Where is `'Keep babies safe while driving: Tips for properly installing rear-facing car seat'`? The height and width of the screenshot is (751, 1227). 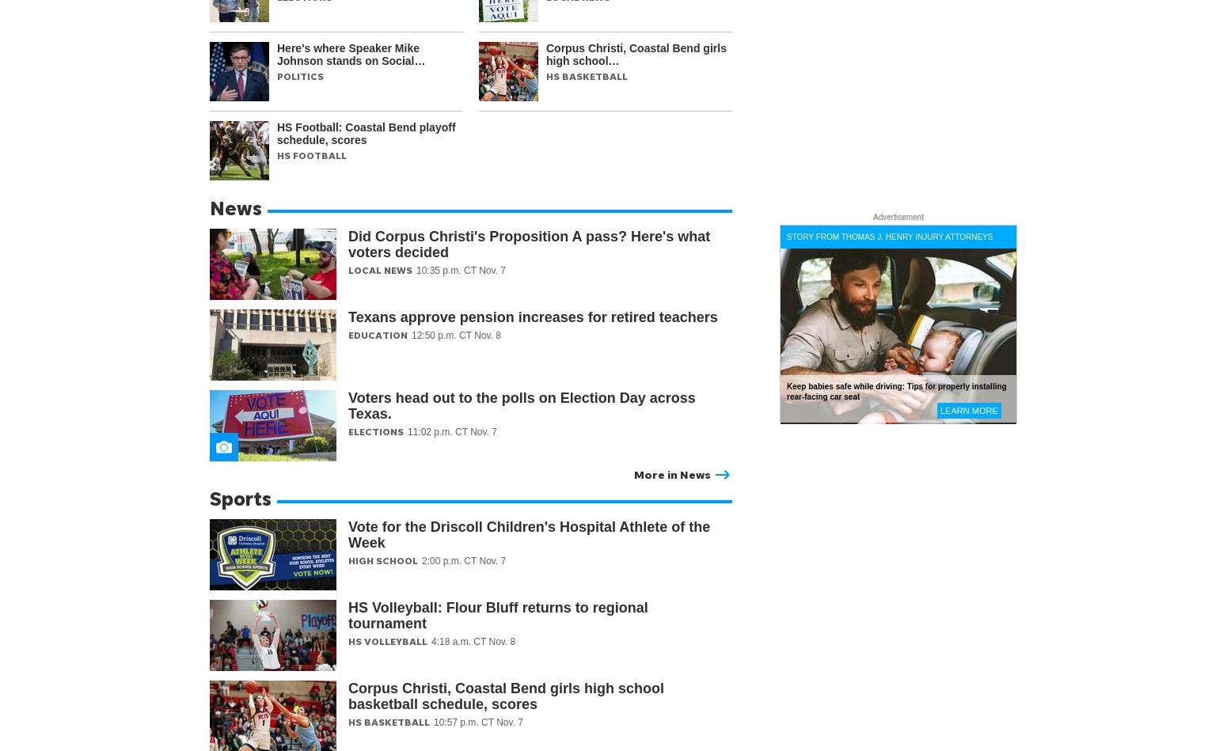
'Keep babies safe while driving: Tips for properly installing rear-facing car seat' is located at coordinates (895, 390).